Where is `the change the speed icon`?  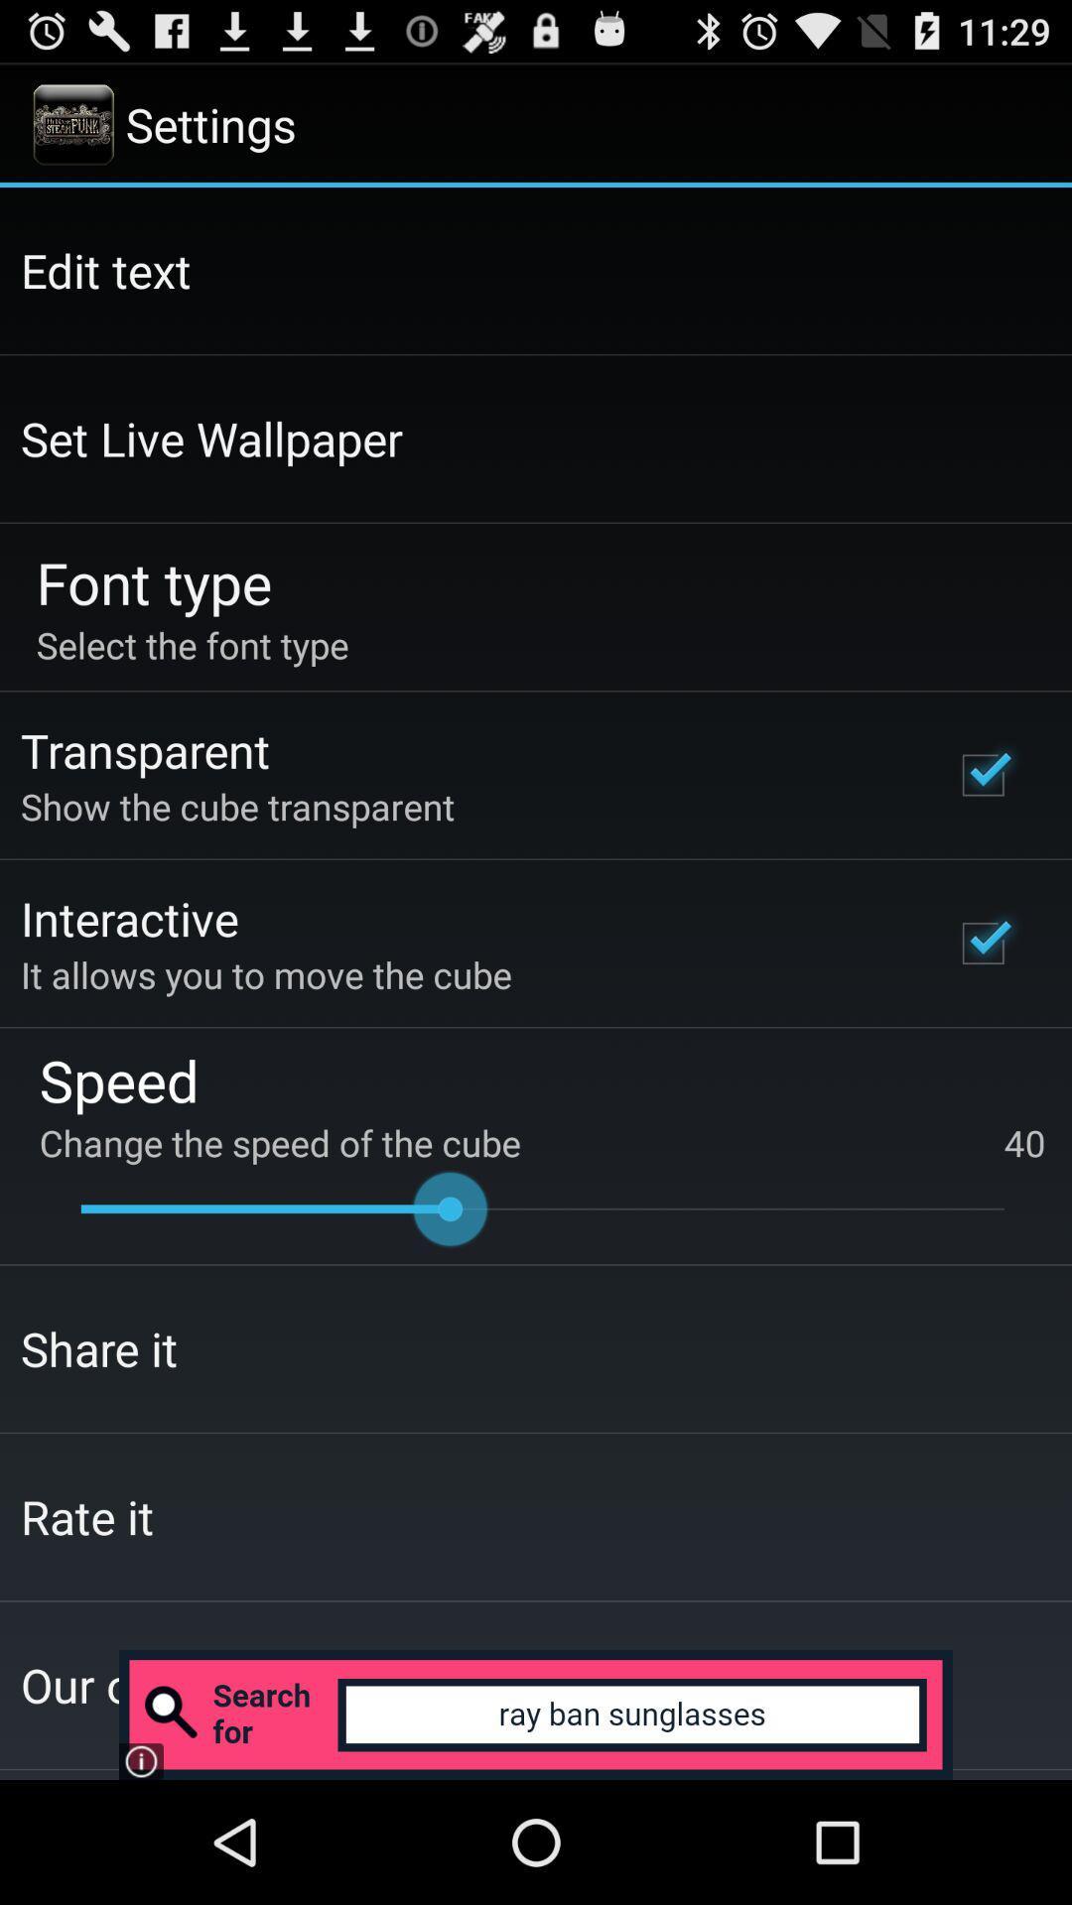 the change the speed icon is located at coordinates (542, 1143).